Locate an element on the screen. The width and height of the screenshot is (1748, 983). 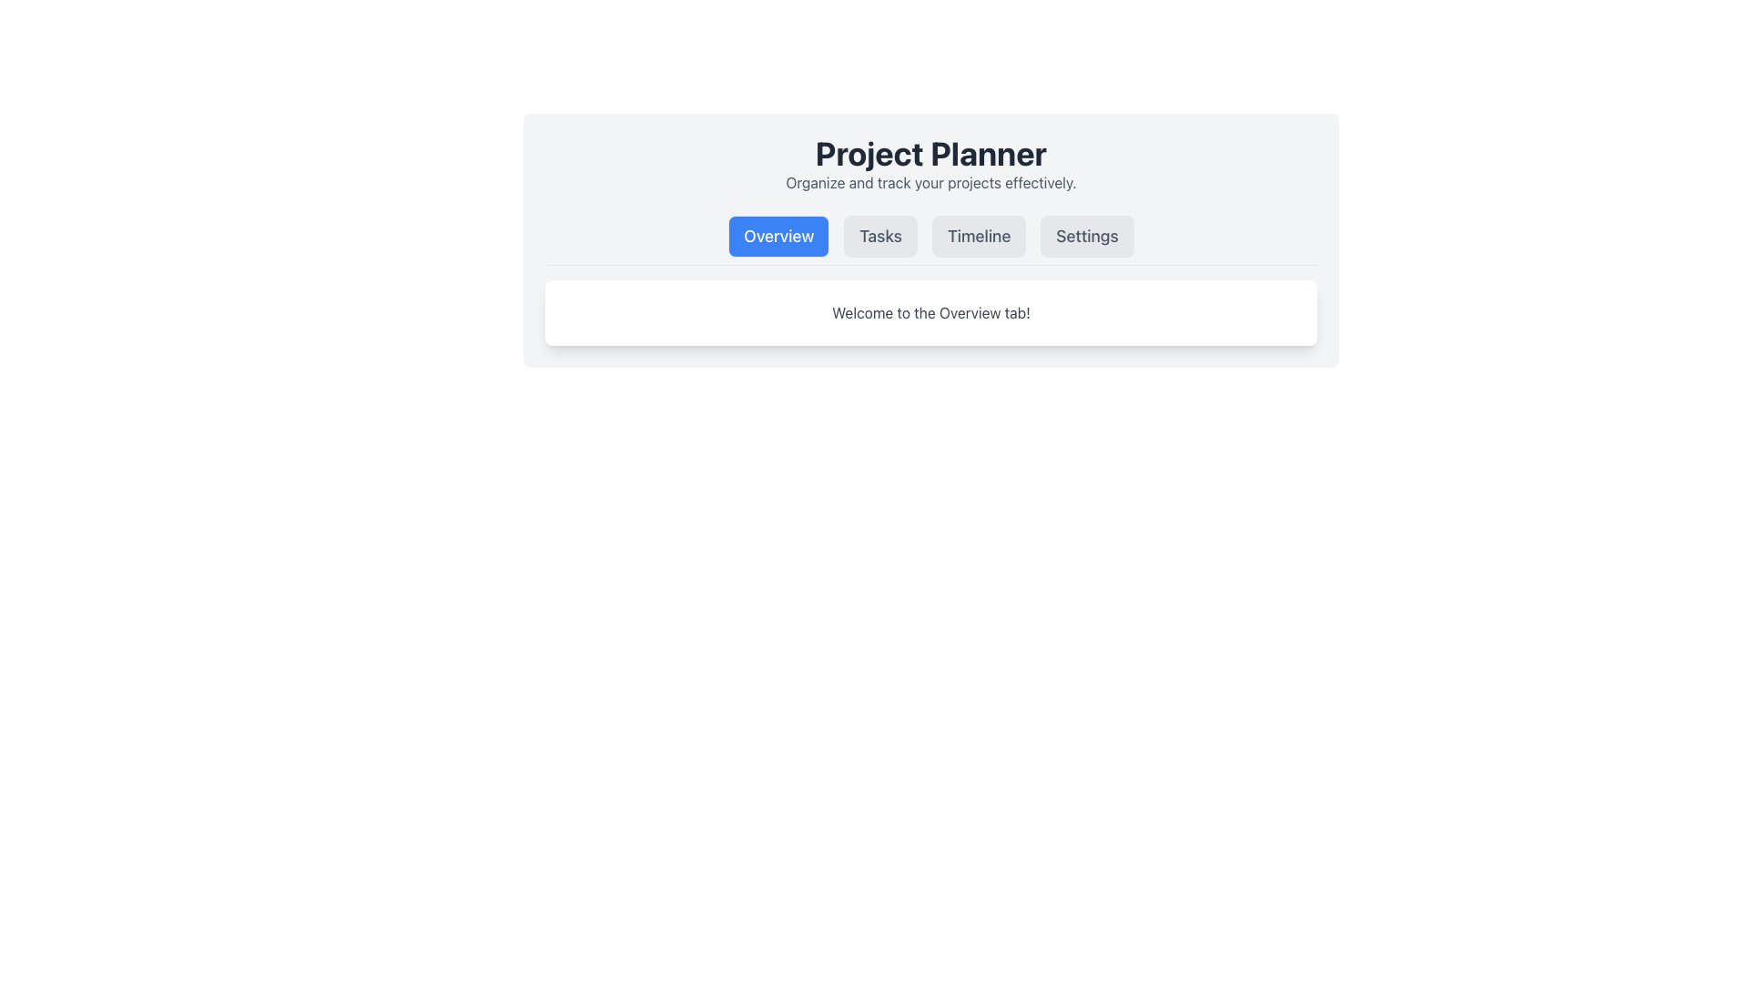
the 'Tasks' button, which is the second button in the toolbar with a light gray background and rounded edges is located at coordinates (880, 235).